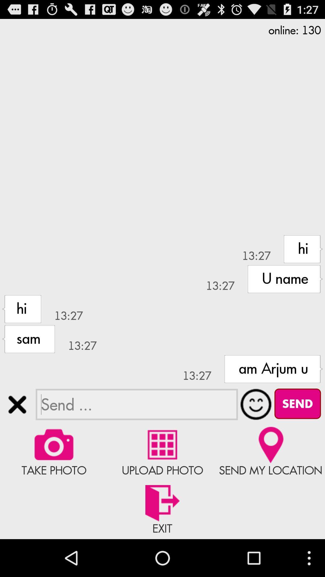  I want to click on open emojis, so click(256, 404).